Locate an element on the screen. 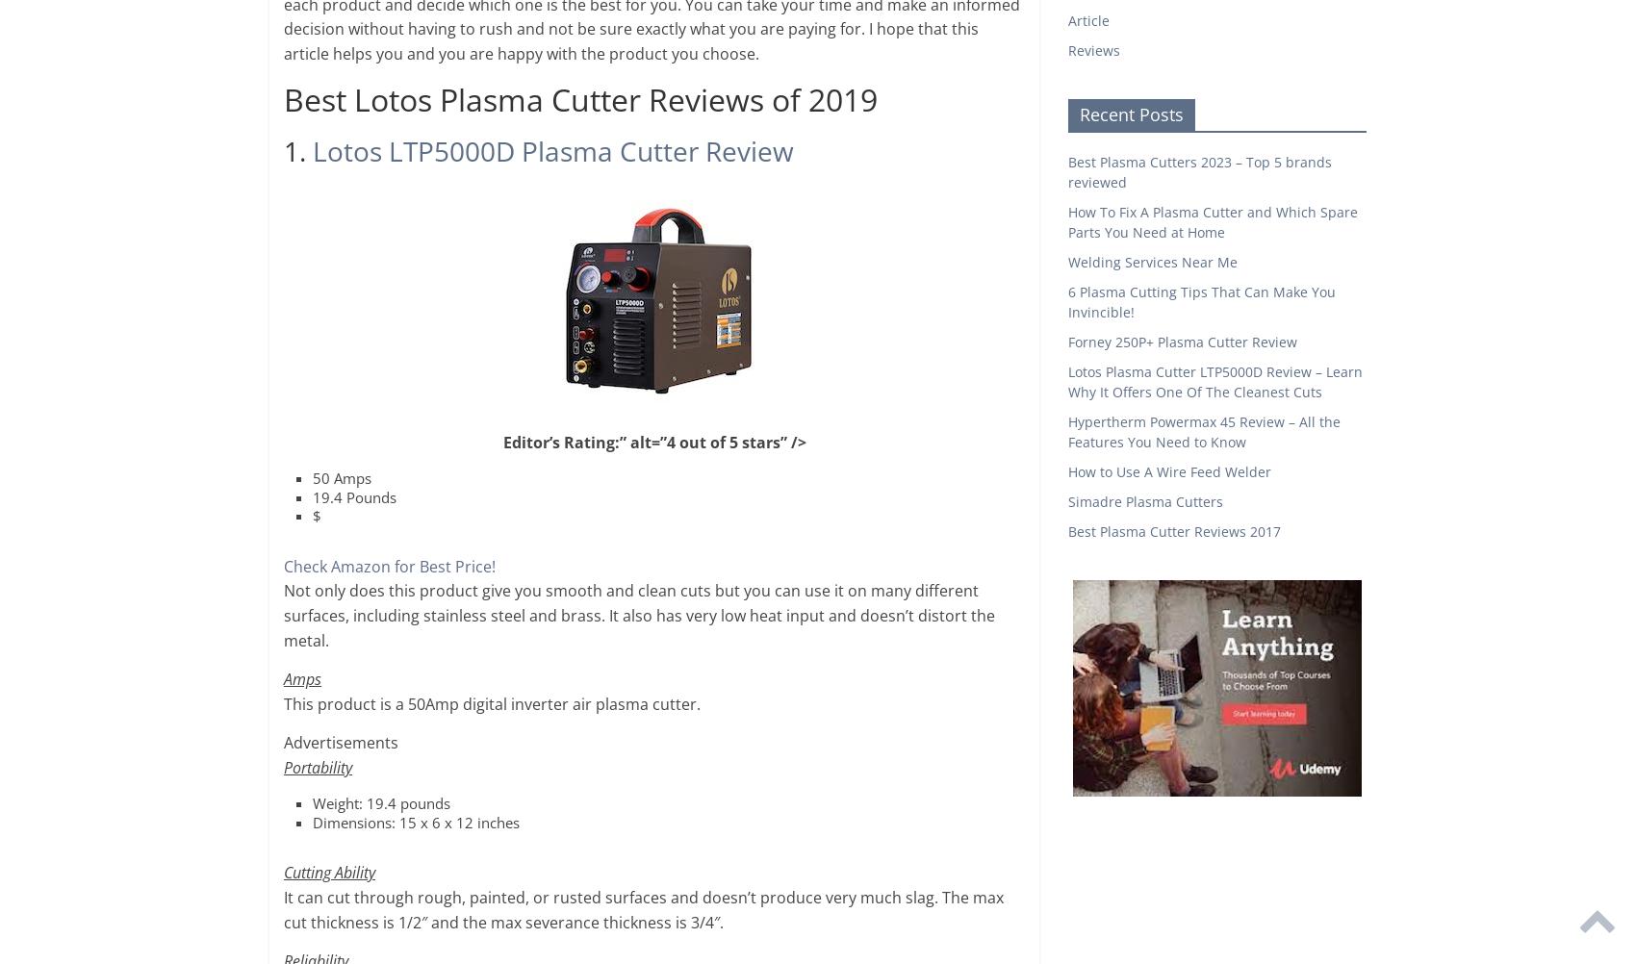 This screenshot has height=964, width=1636. 'Best Plasma Cutter Reviews 2017' is located at coordinates (1173, 531).